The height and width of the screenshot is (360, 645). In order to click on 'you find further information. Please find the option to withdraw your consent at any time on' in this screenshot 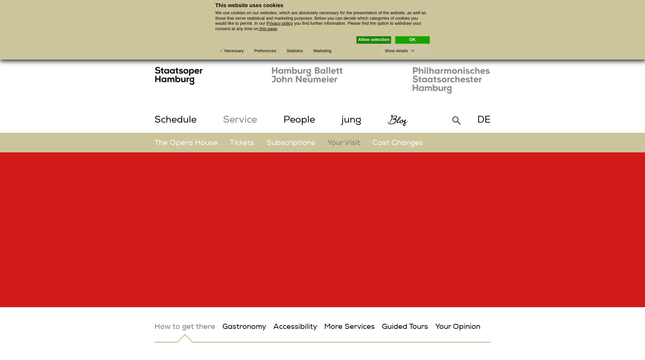, I will do `click(318, 26)`.